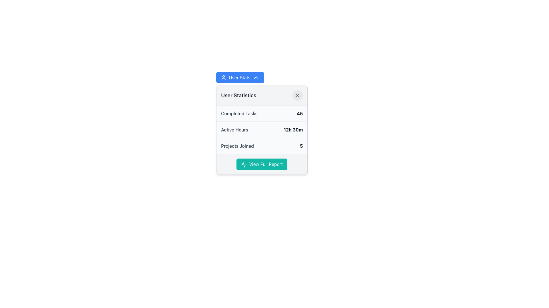 The width and height of the screenshot is (549, 308). I want to click on the 'Active Hours' text label, which is styled in medium-weight gray font and aligned to the left in the 'User Statistics' section, positioned above 'Projects Joined' and left of '12h 30m', so click(234, 130).